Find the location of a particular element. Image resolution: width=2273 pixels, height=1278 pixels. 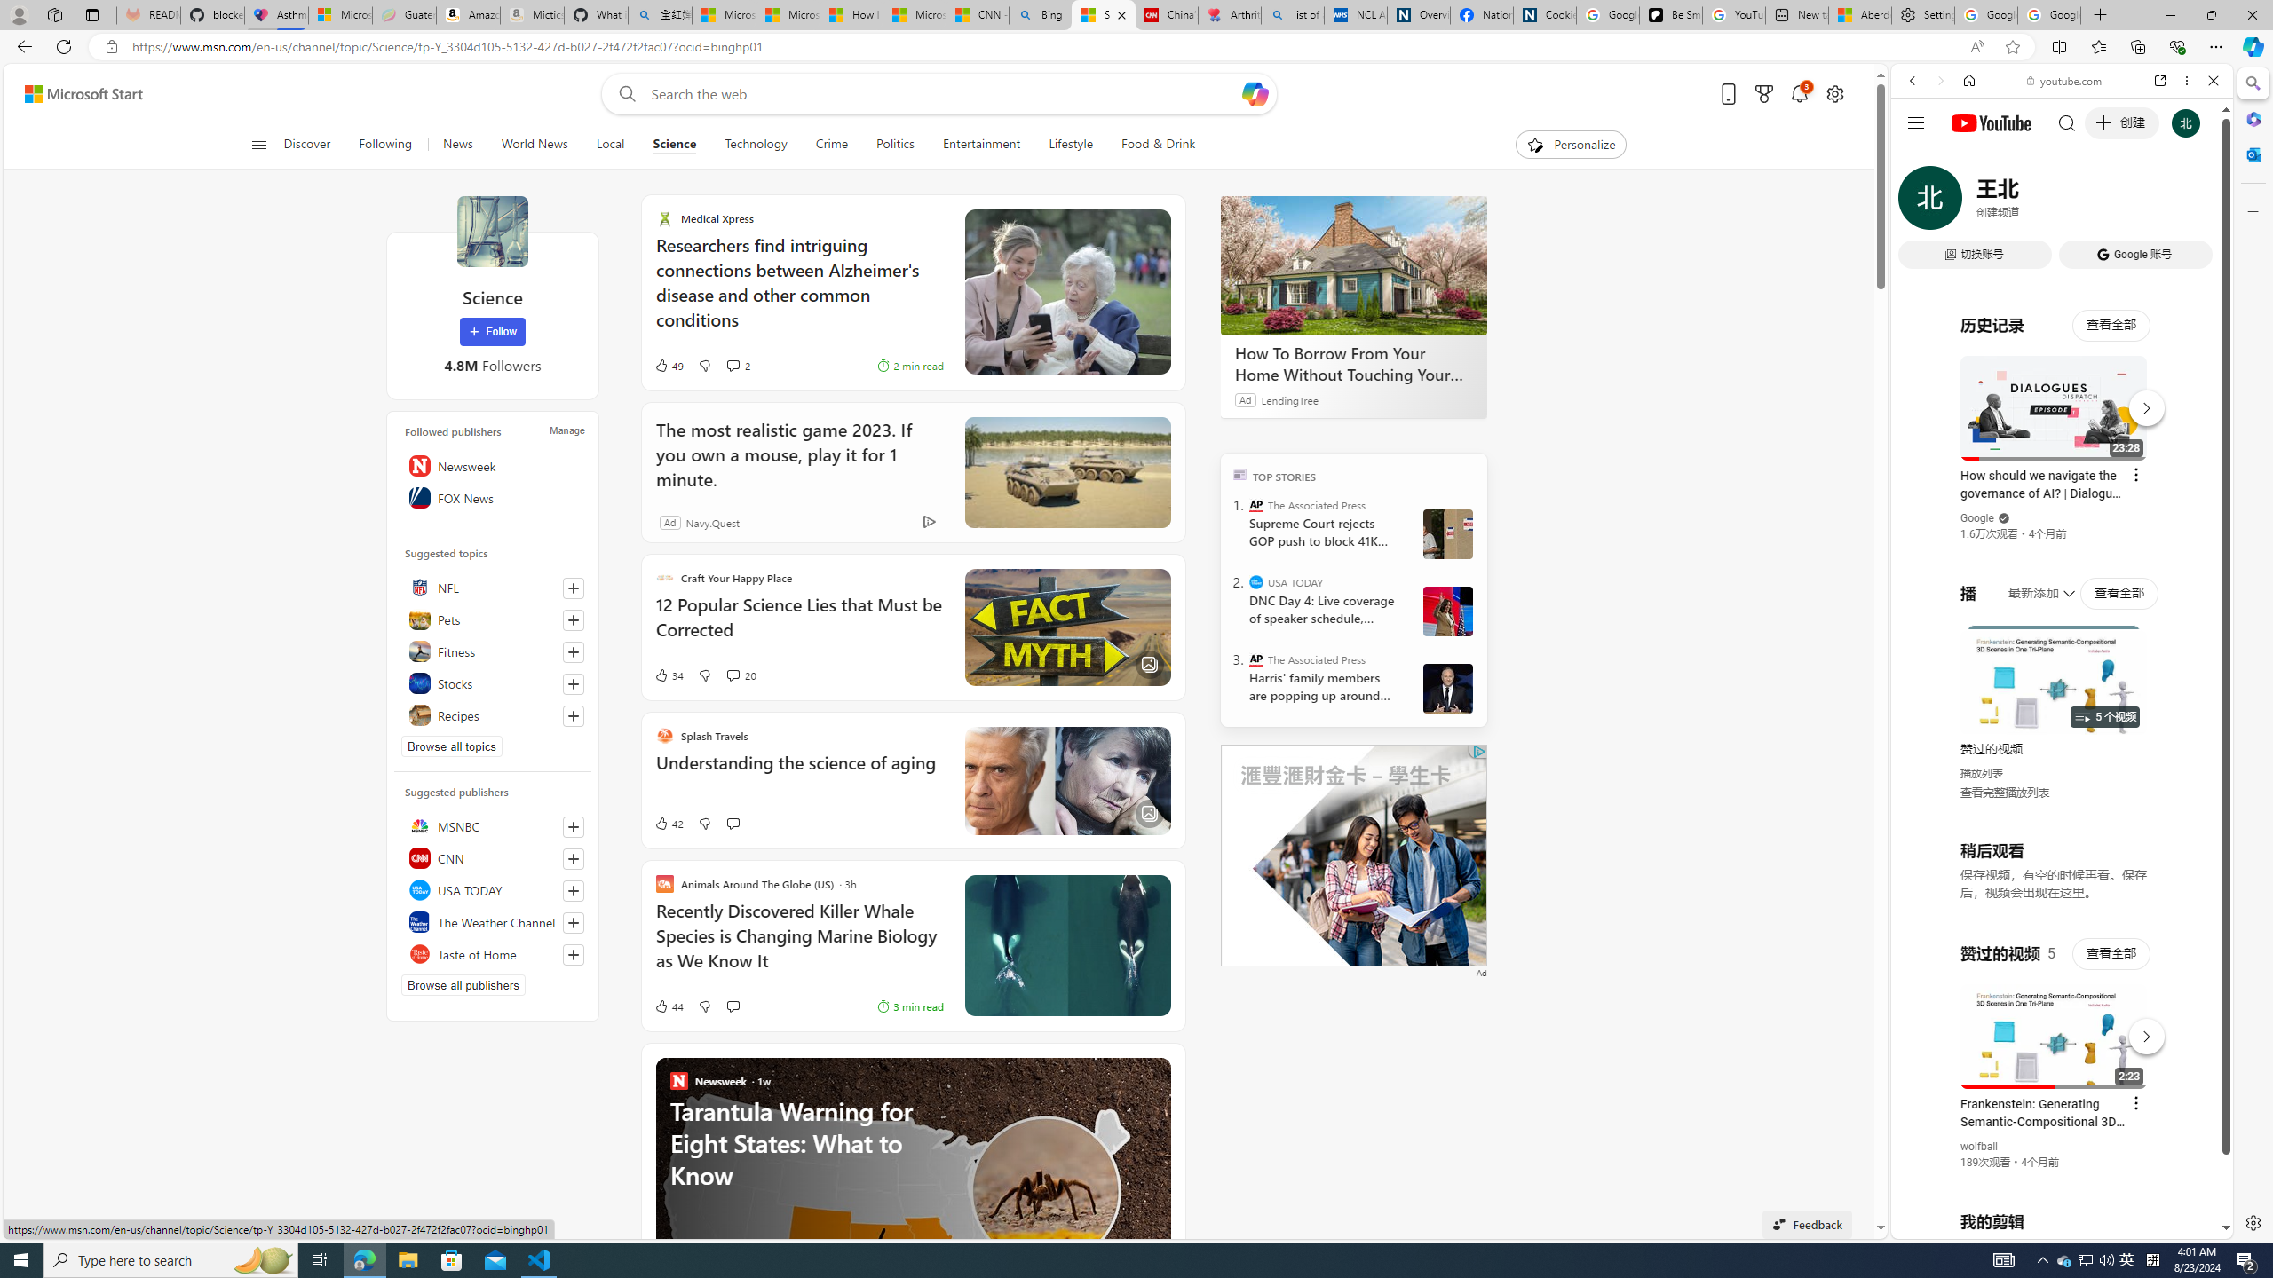

'Browse all topics' is located at coordinates (452, 745).